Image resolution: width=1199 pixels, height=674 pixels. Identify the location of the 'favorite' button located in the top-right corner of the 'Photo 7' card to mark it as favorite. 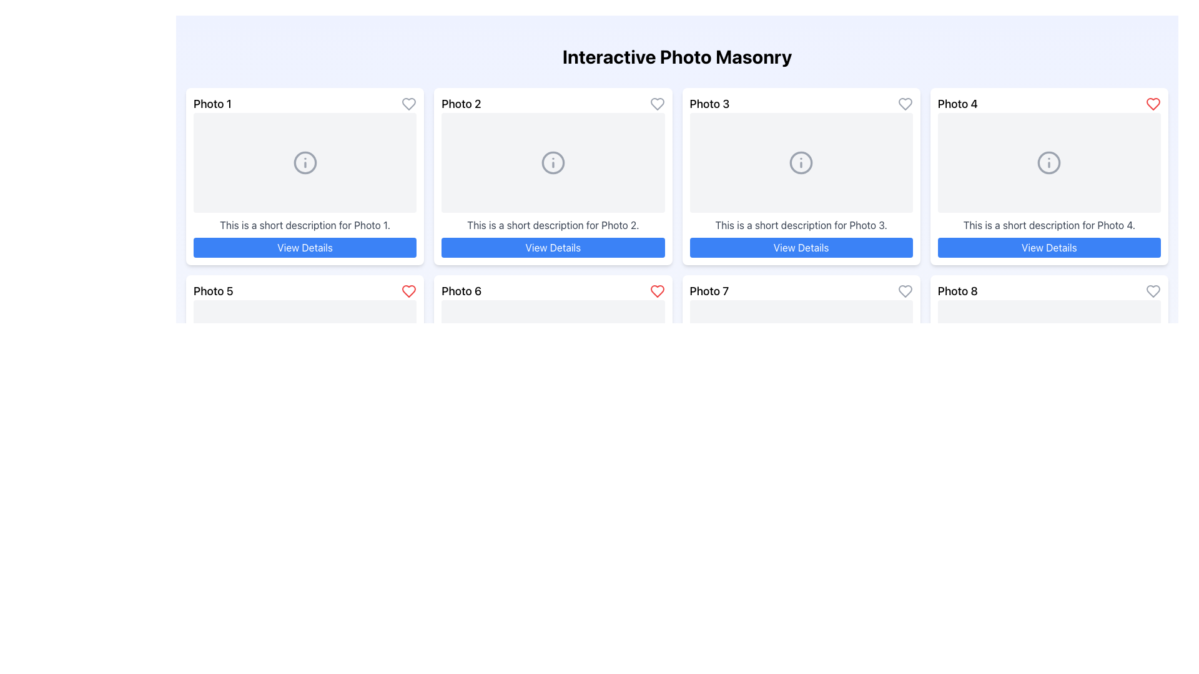
(905, 291).